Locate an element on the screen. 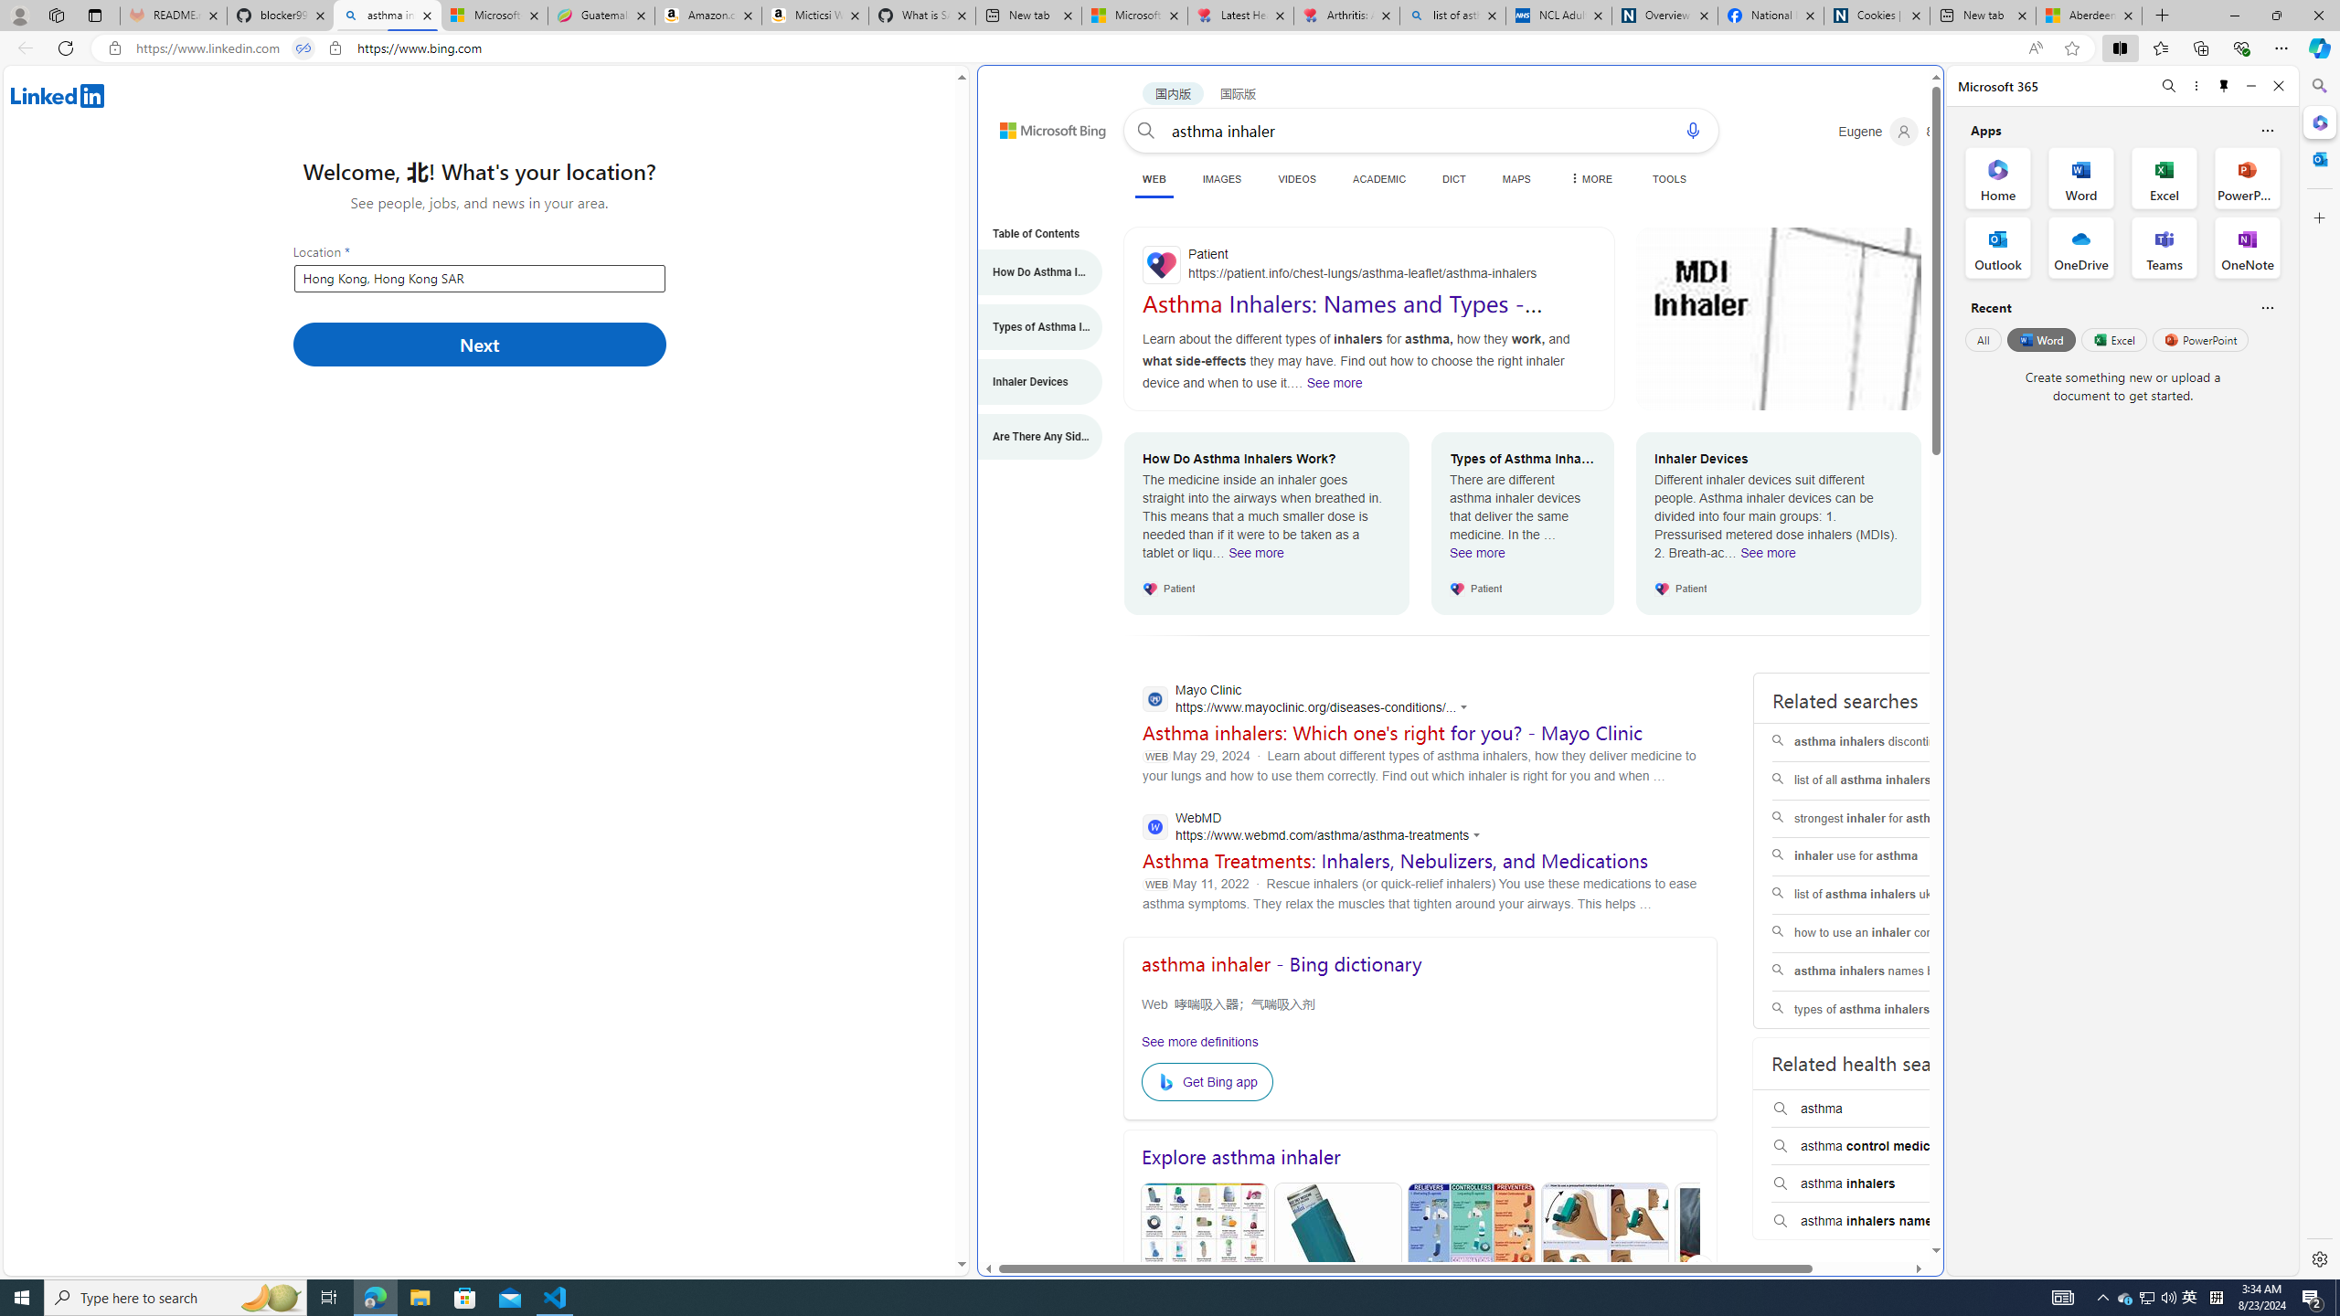  'DICT' is located at coordinates (1453, 178).